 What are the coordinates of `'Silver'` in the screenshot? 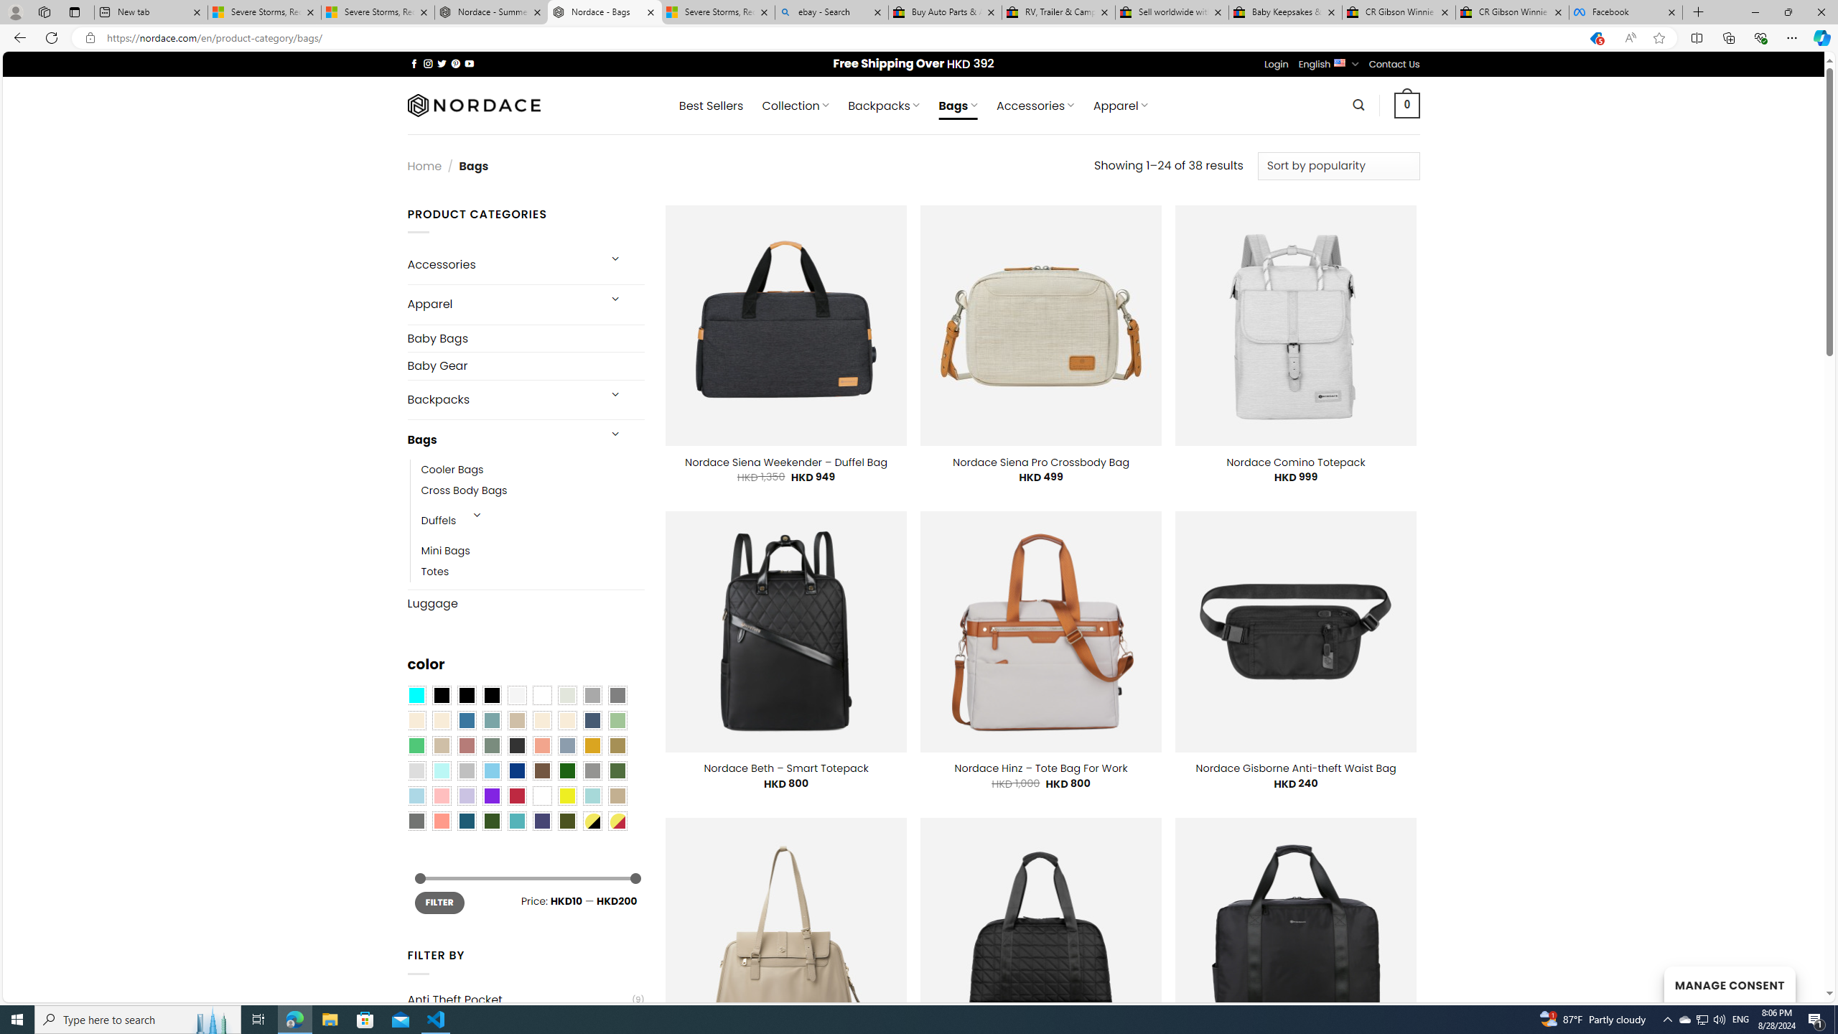 It's located at (466, 770).